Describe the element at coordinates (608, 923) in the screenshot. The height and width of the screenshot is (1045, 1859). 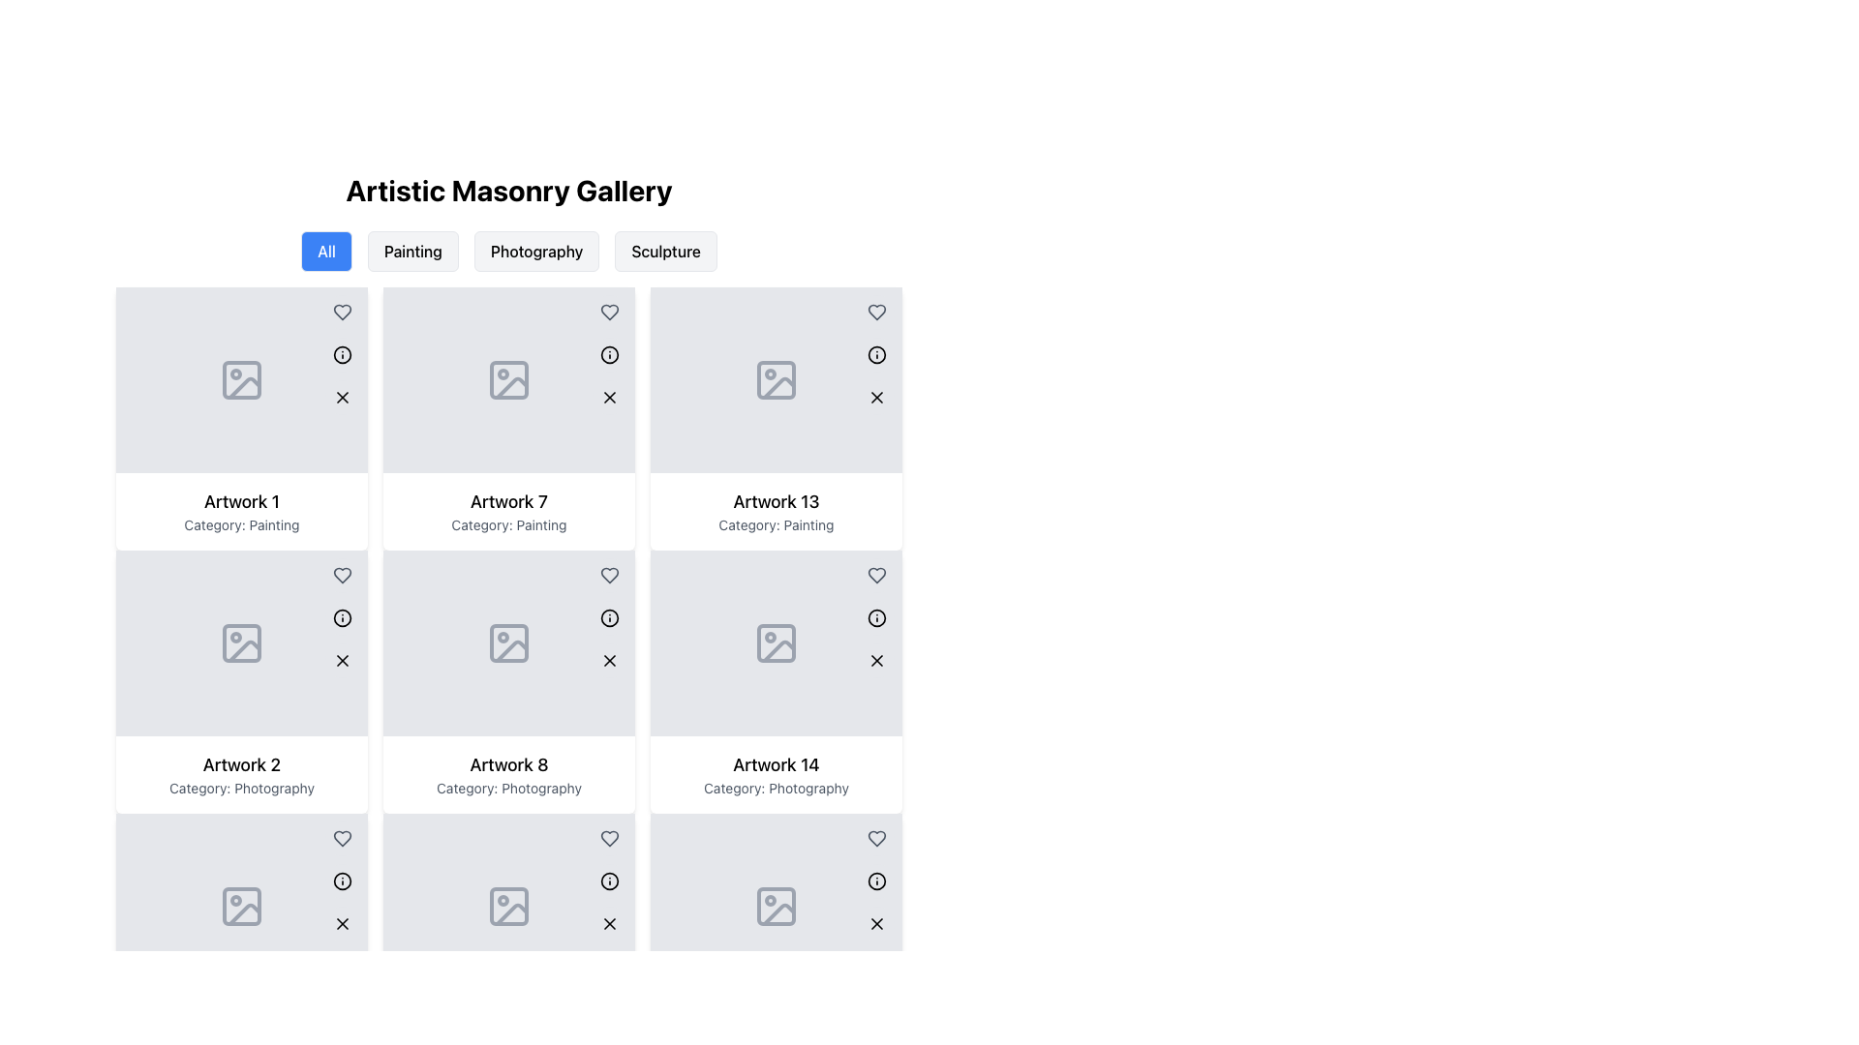
I see `the close or delete button located at the bottom of the vertical list of circular icons in the top-right section of the 'Artwork 8' card` at that location.